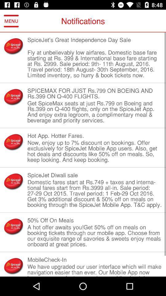  I want to click on icon next to 50 off on icon, so click(14, 226).